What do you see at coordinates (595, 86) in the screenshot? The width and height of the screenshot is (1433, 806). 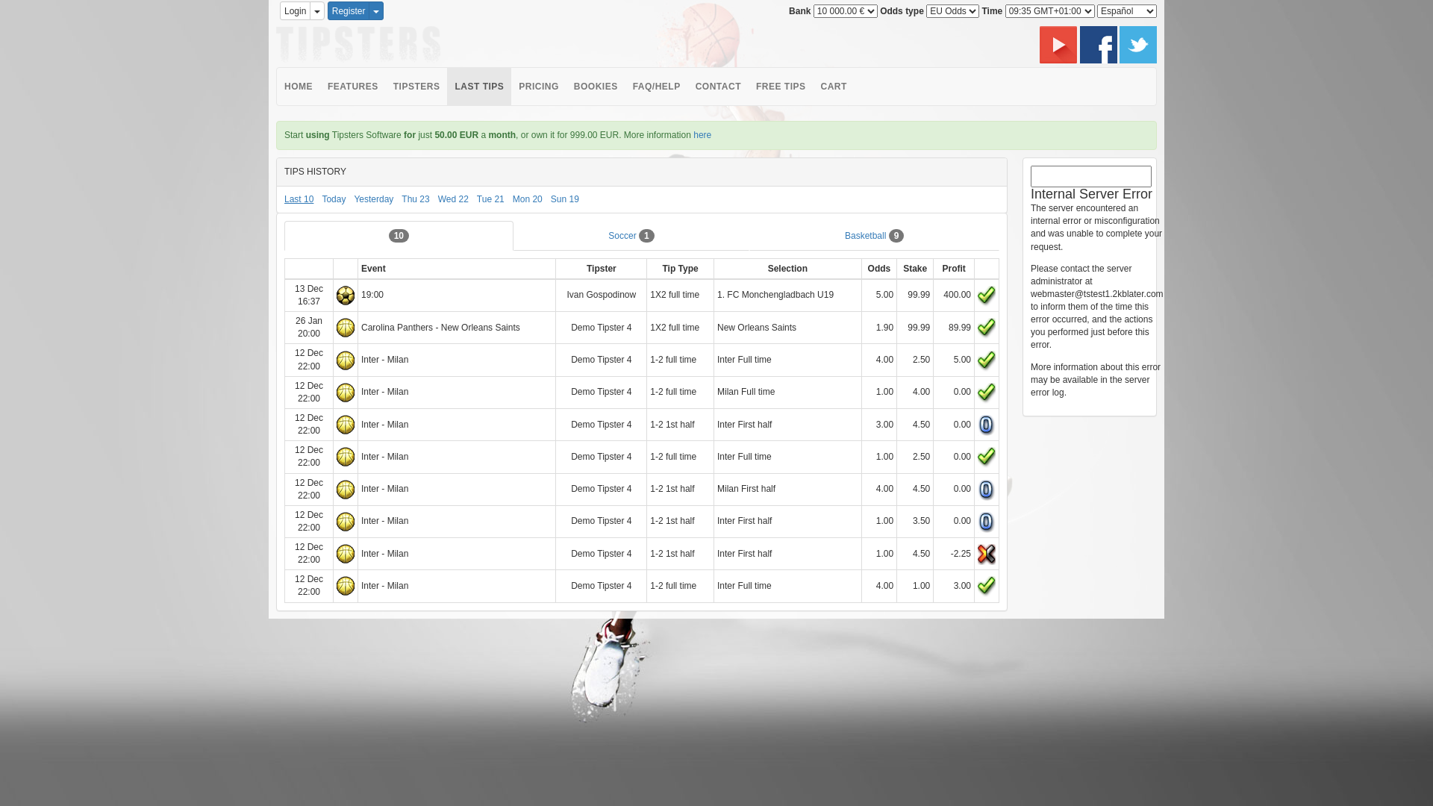 I see `'BOOKIES'` at bounding box center [595, 86].